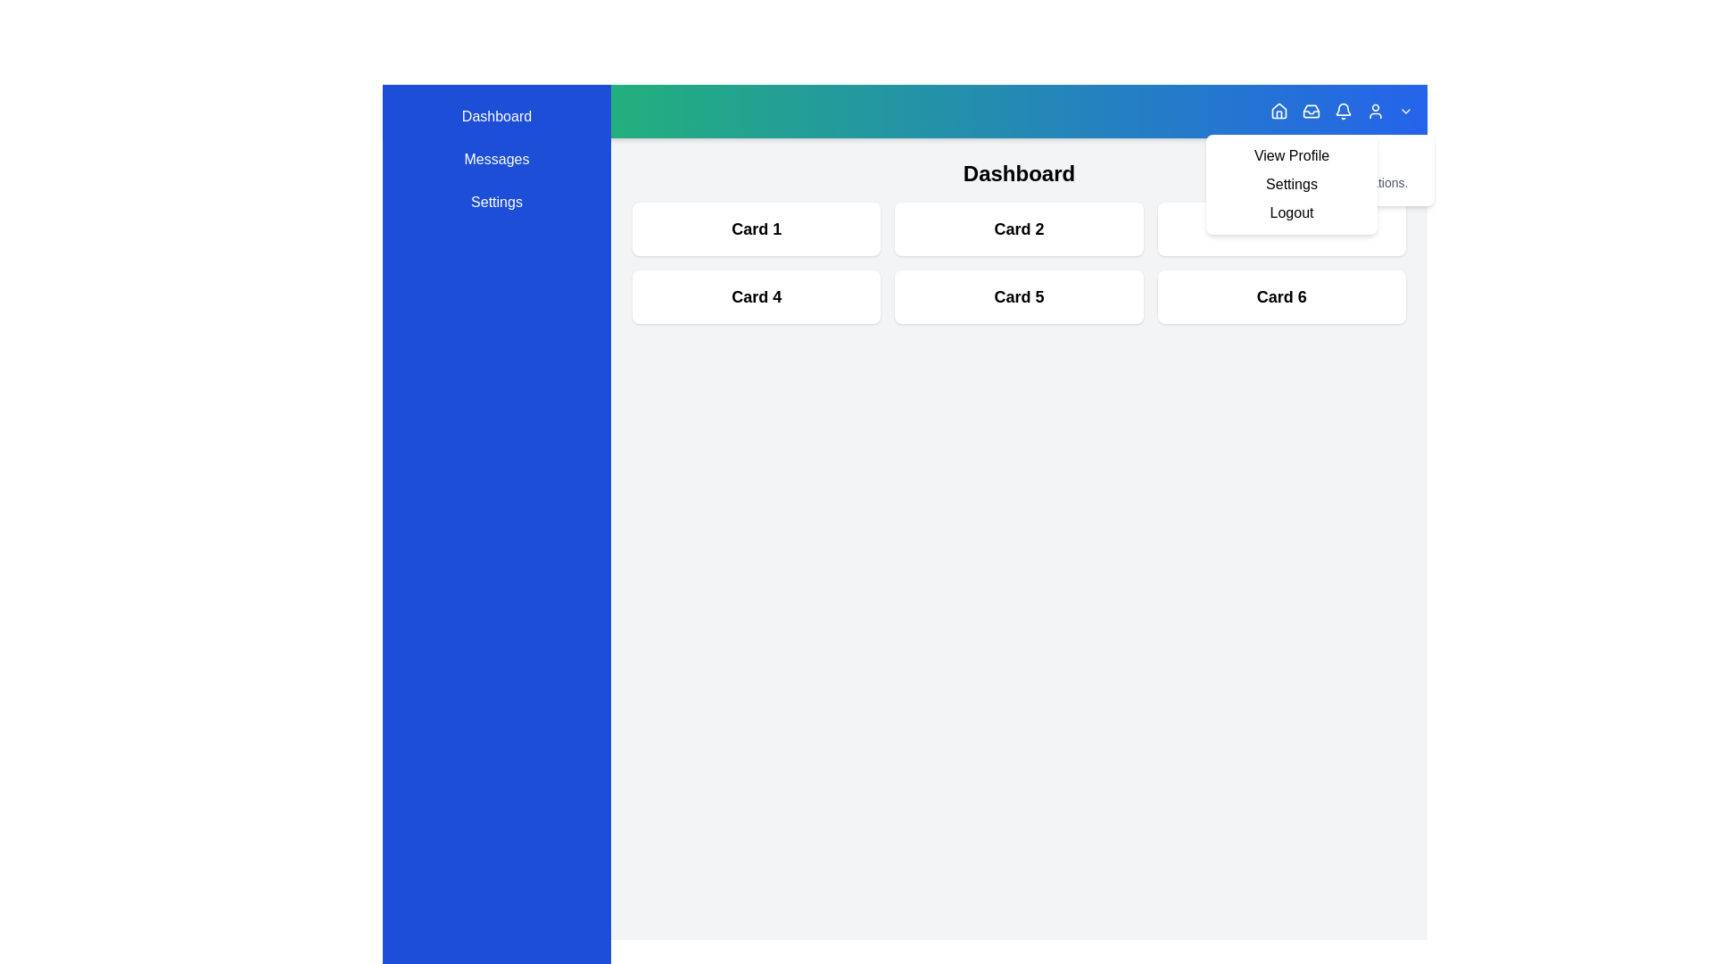 Image resolution: width=1713 pixels, height=964 pixels. What do you see at coordinates (1019, 174) in the screenshot?
I see `the Text header that indicates the current page or section, positioned above a grid of cards and below the navigation bar` at bounding box center [1019, 174].